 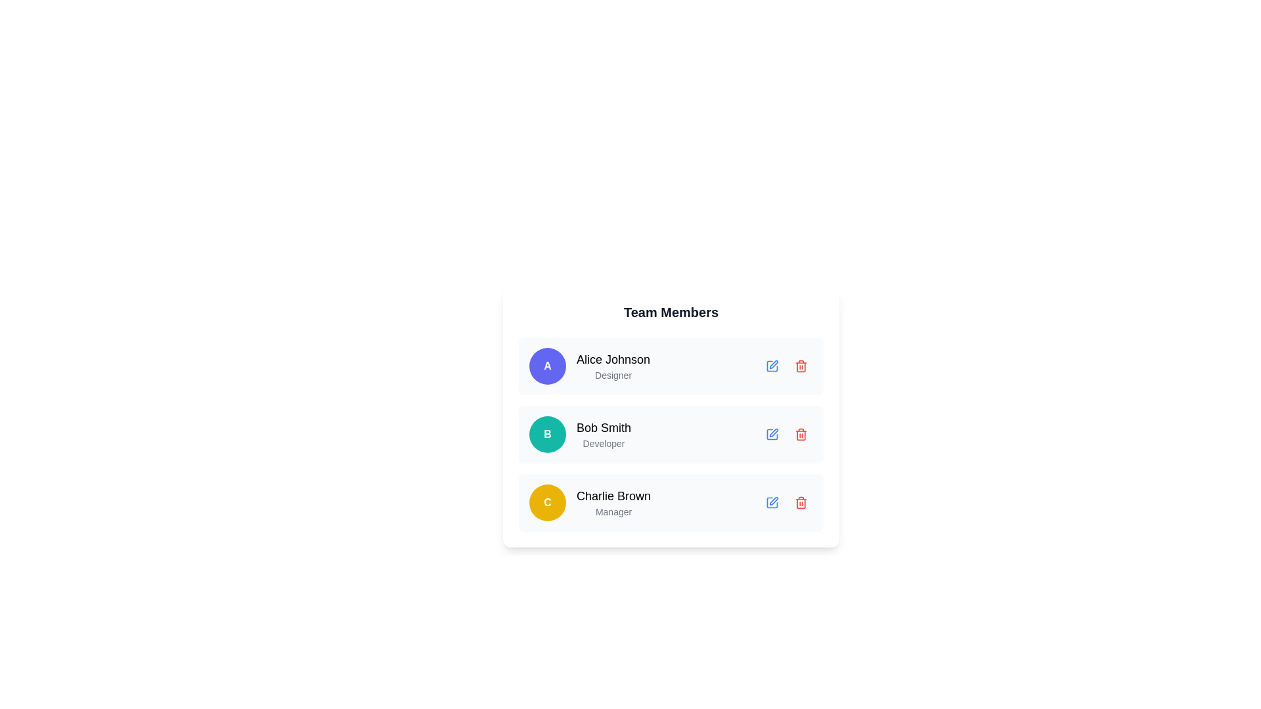 What do you see at coordinates (603, 443) in the screenshot?
I see `the text label indicating the role of 'Bob Smith' as a 'Developer', located below the name 'Bob Smith' in the 'Team Members' section` at bounding box center [603, 443].